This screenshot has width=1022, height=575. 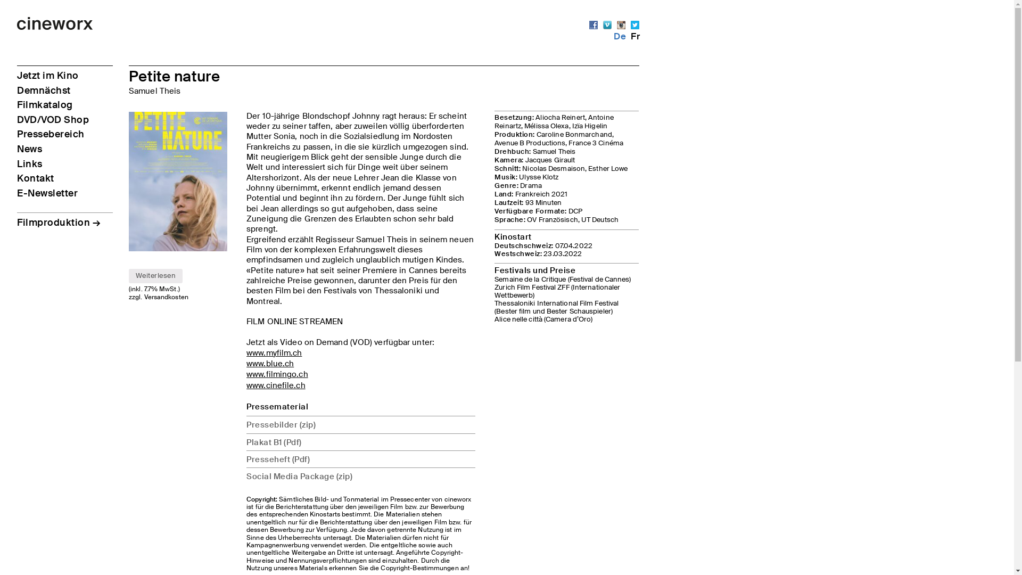 I want to click on 'Pressebereich', so click(x=50, y=133).